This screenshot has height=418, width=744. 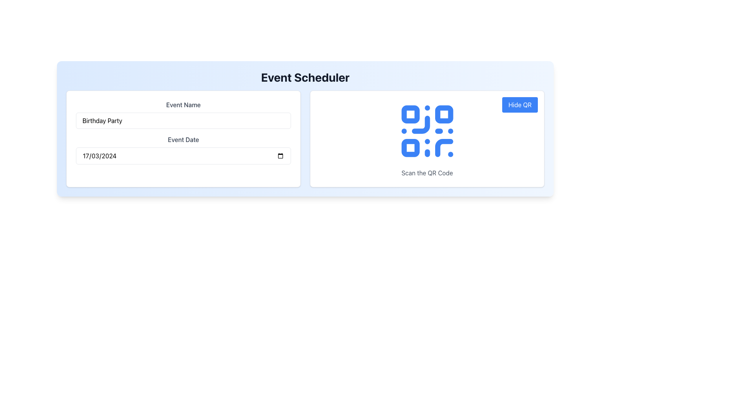 I want to click on the QR code icon located in the right panel above the text 'Scan the QR Code', so click(x=427, y=131).